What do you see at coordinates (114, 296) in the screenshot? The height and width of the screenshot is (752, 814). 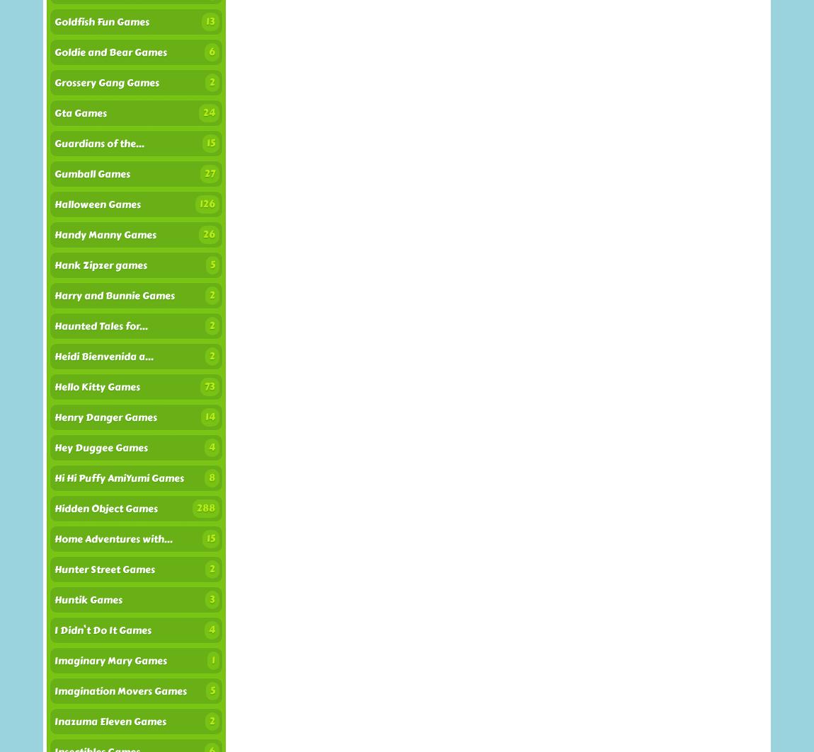 I see `'Harry and Bunnie Games'` at bounding box center [114, 296].